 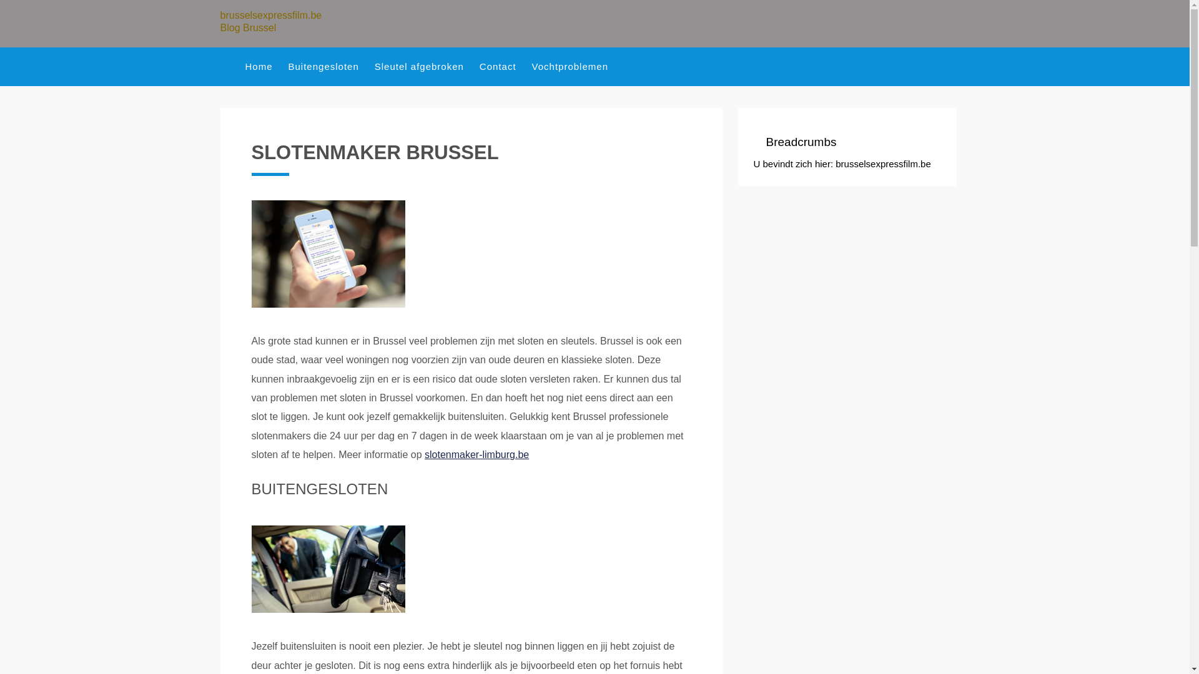 What do you see at coordinates (265, 66) in the screenshot?
I see `'Home'` at bounding box center [265, 66].